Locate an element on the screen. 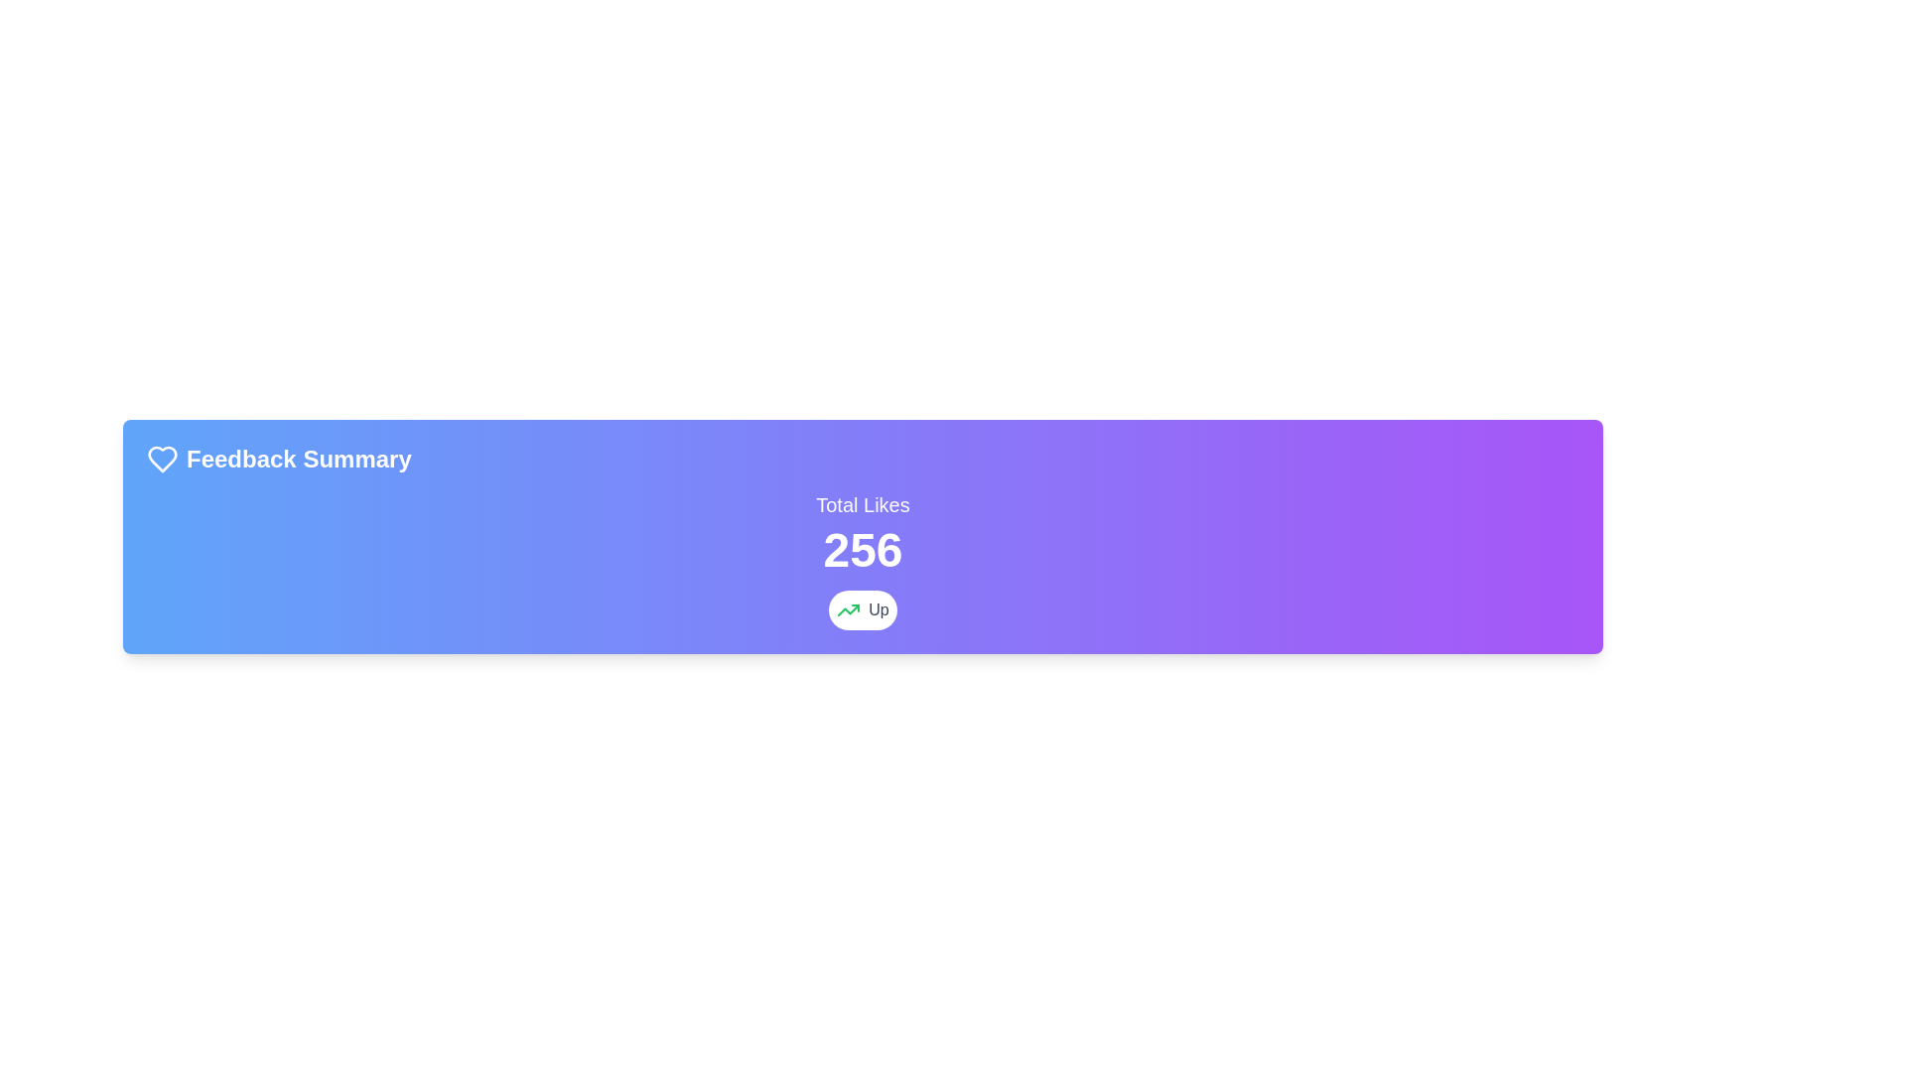  the heart icon is located at coordinates (162, 459).